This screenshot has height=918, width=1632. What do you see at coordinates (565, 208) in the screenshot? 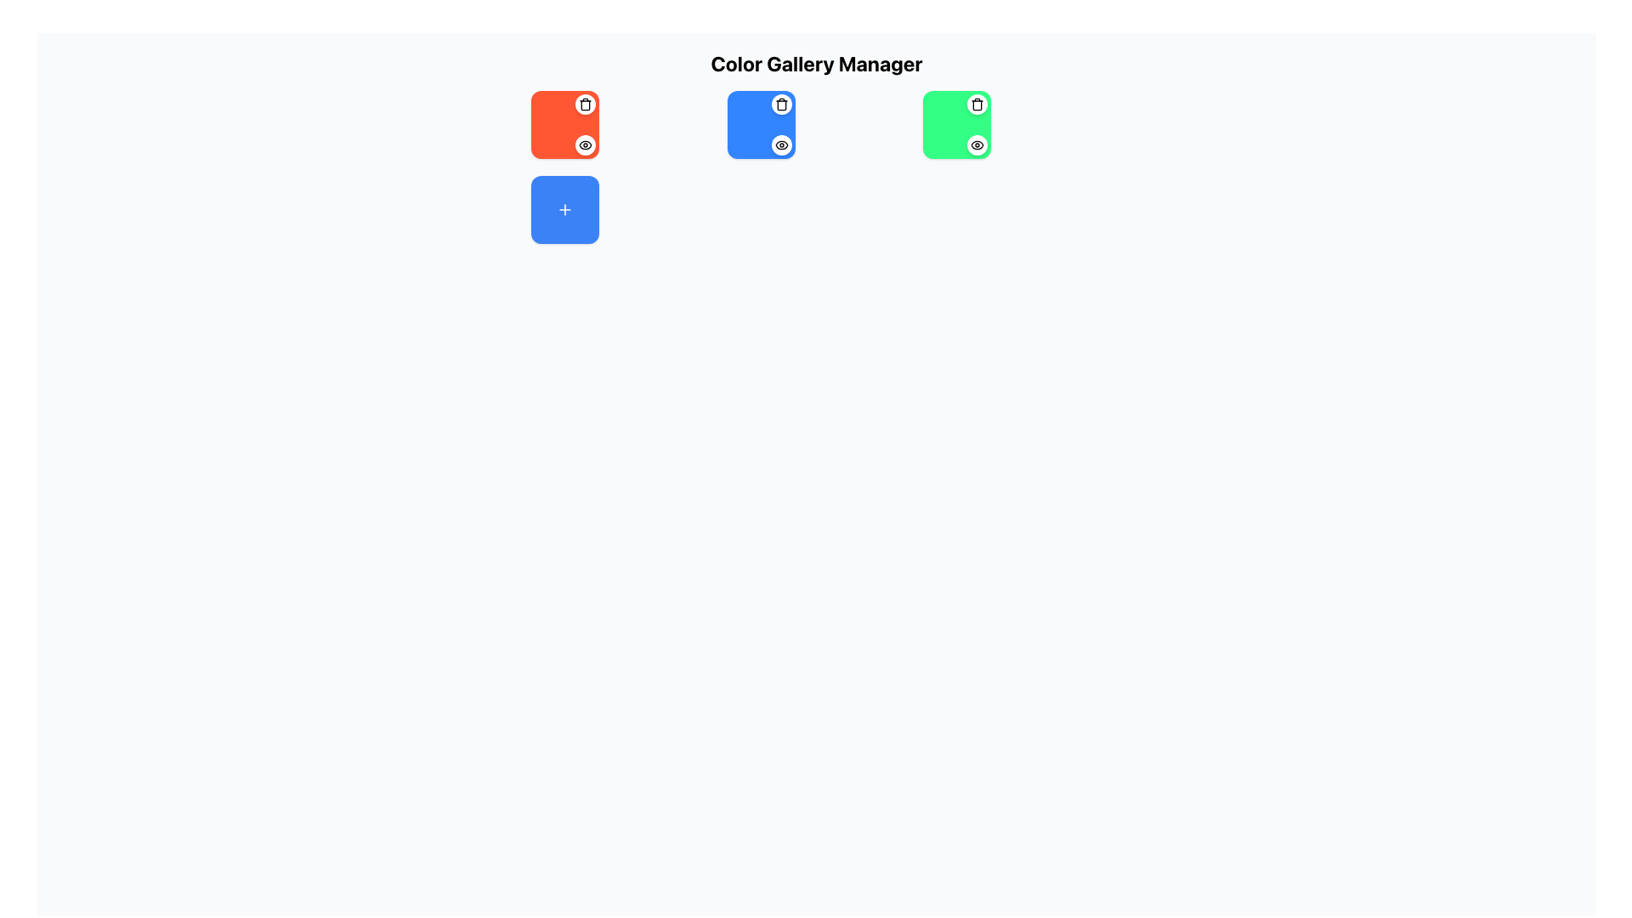
I see `the blue square button with a white '+' icon located in the first column of the second row in the grid layout` at bounding box center [565, 208].